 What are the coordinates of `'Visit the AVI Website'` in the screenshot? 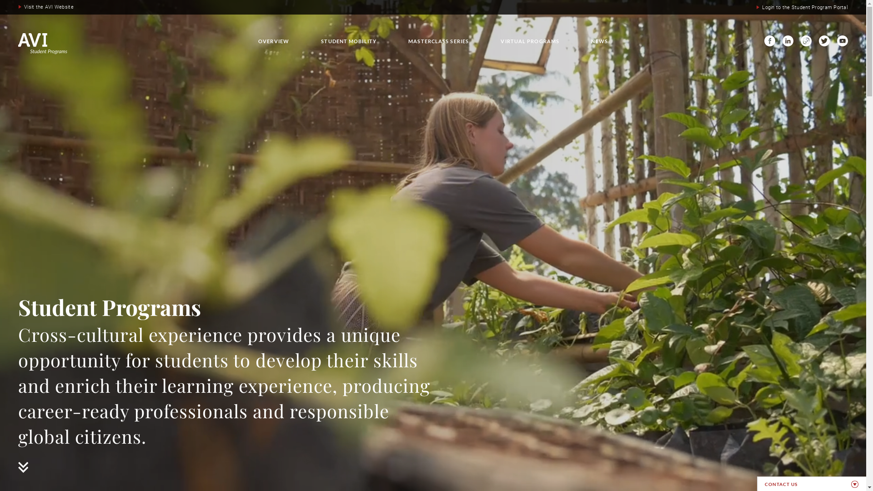 It's located at (45, 7).